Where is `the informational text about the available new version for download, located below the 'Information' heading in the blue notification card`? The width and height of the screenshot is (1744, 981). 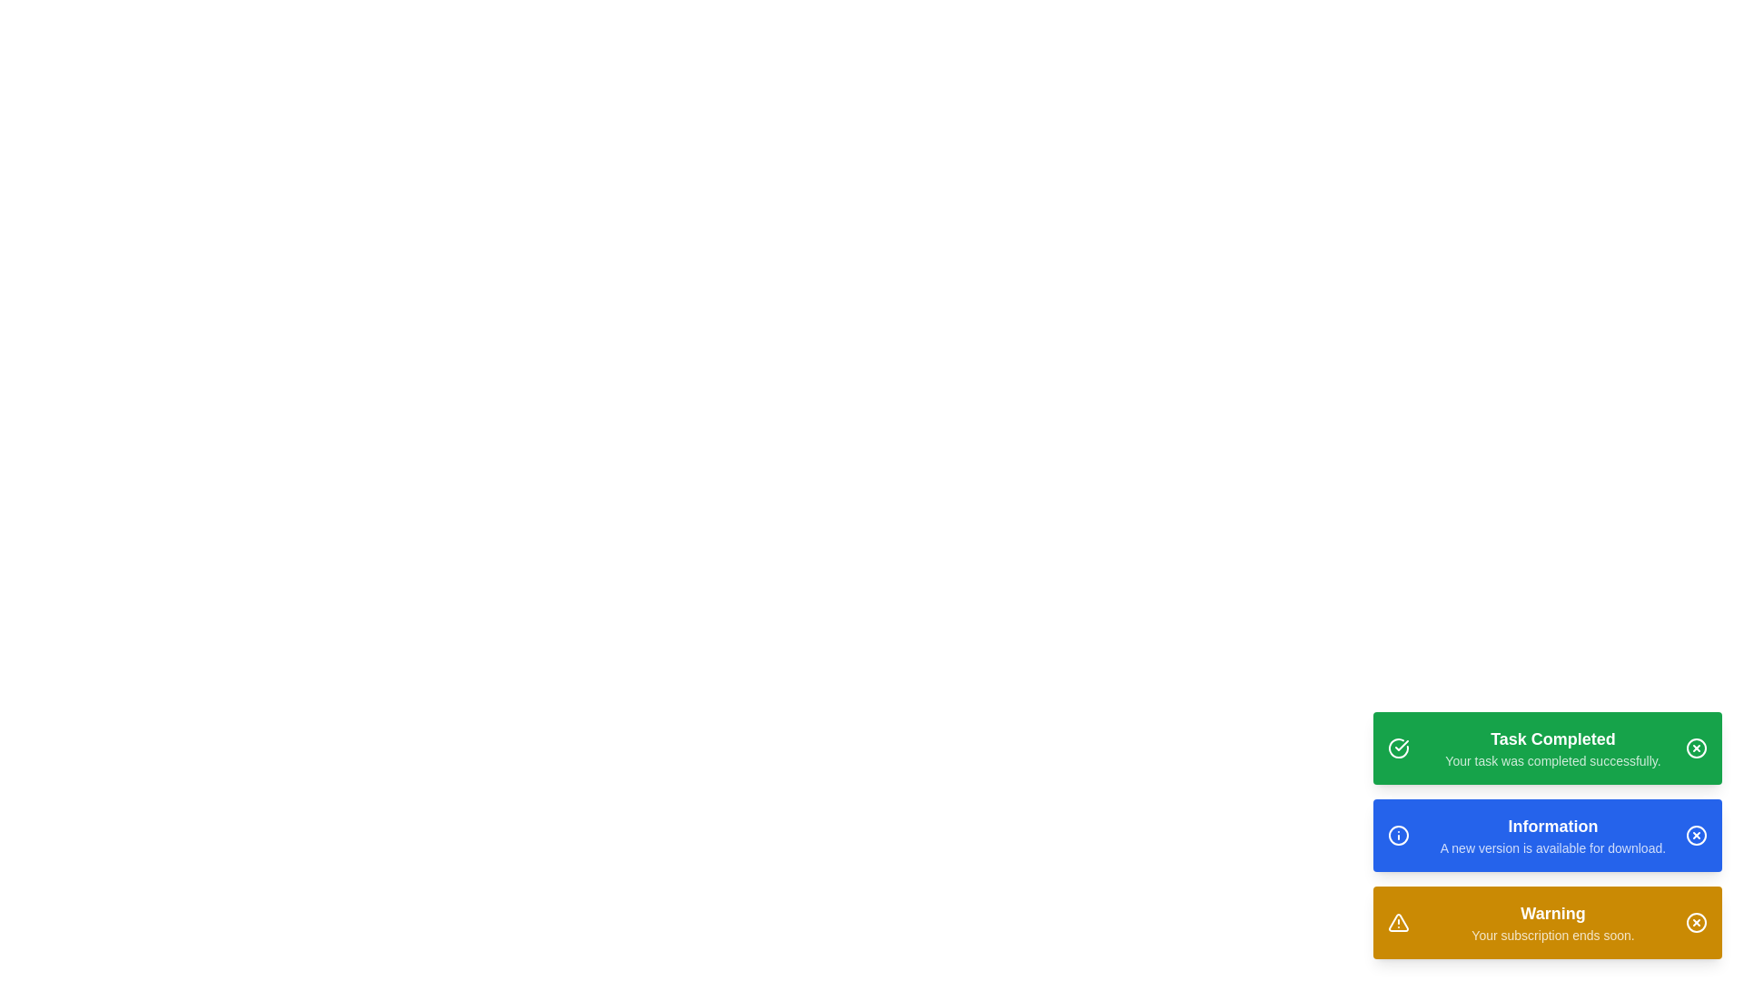 the informational text about the available new version for download, located below the 'Information' heading in the blue notification card is located at coordinates (1551, 847).